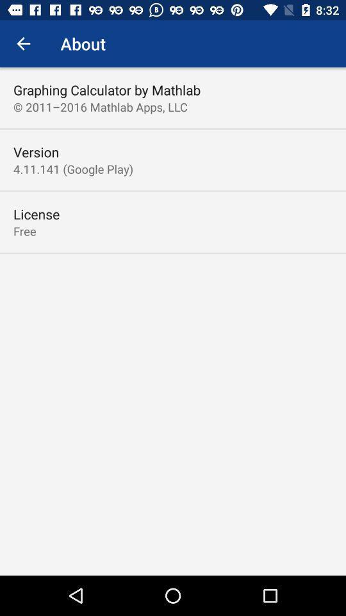  Describe the element at coordinates (106, 89) in the screenshot. I see `icon above 2011 2016 mathlab item` at that location.